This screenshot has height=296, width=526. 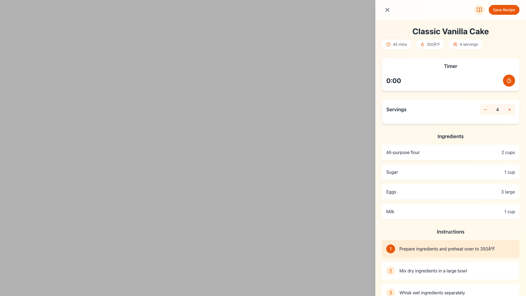 What do you see at coordinates (387, 10) in the screenshot?
I see `the close button located at the top-left corner of the 'Save Recipe' section to change its background` at bounding box center [387, 10].